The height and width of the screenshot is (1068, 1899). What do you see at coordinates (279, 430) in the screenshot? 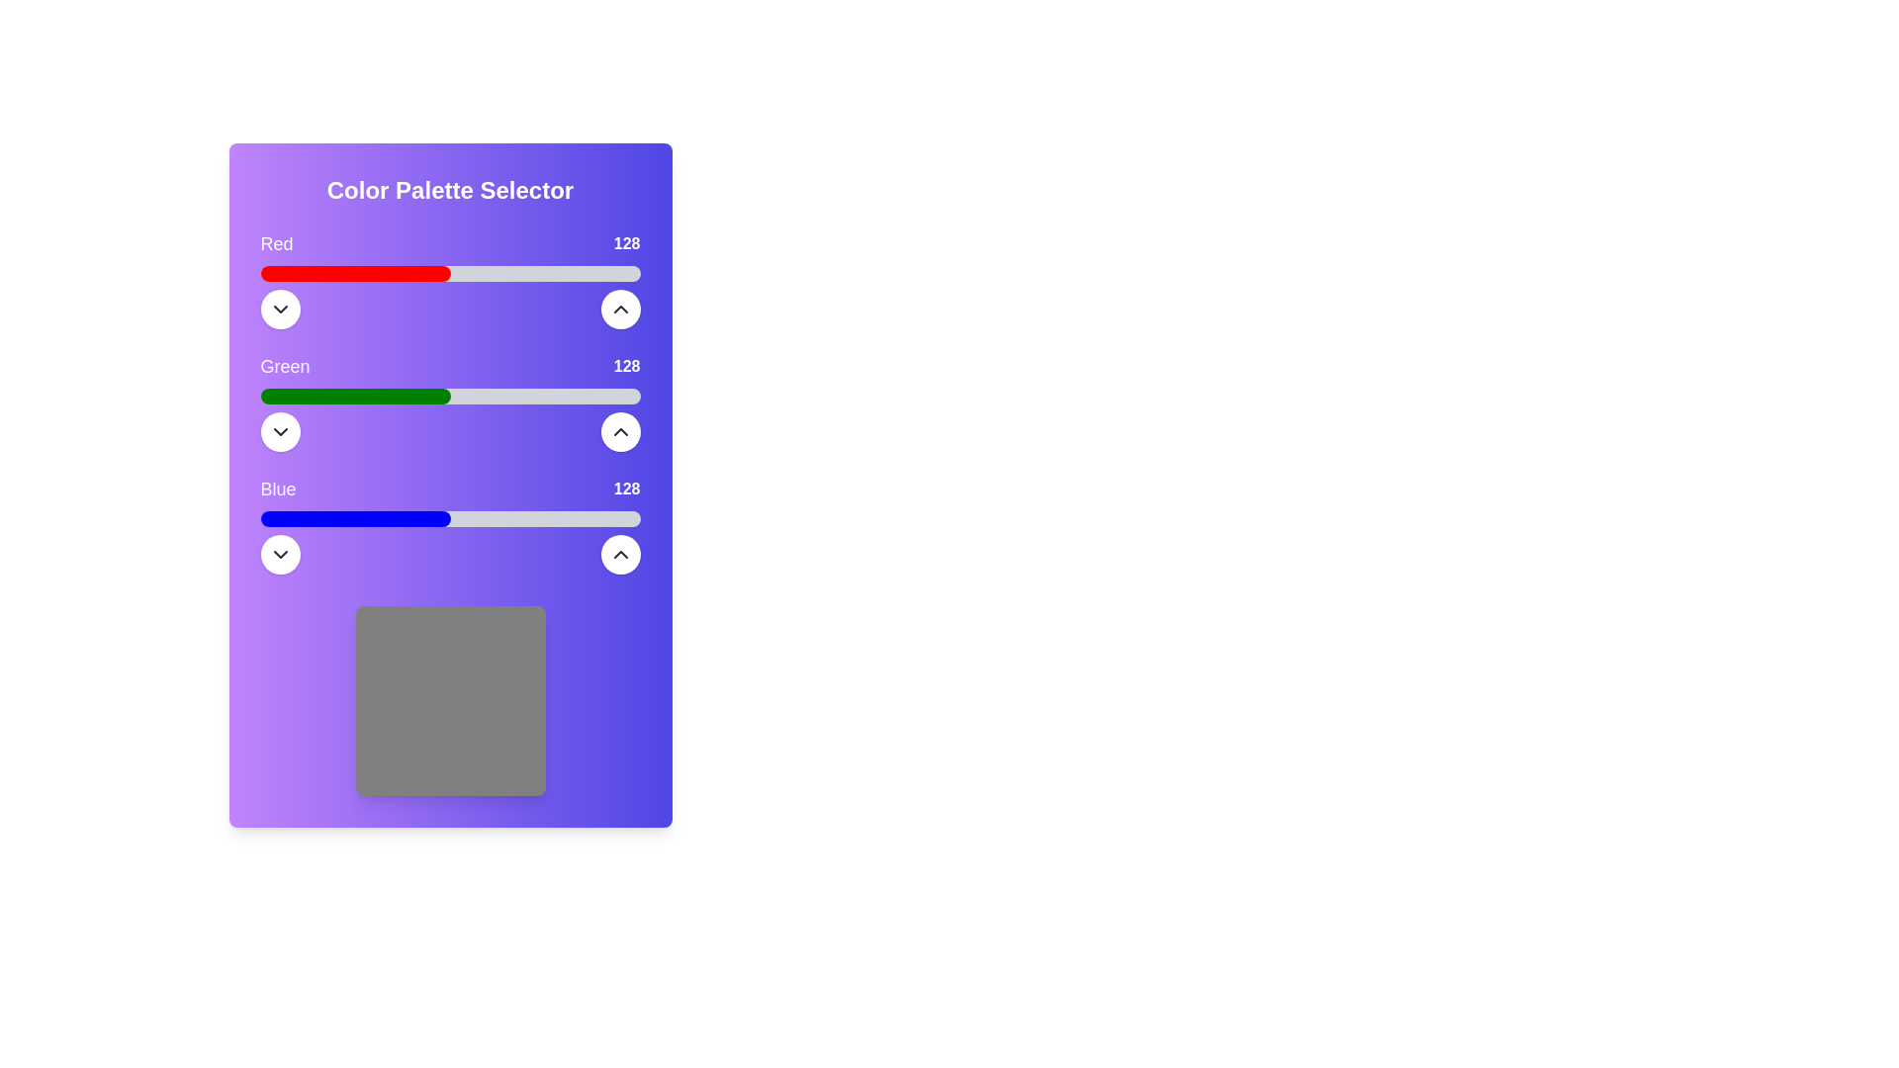
I see `the downward-pointing chevron icon located in the 'Green' group of the 'Color Palette Selector'` at bounding box center [279, 430].